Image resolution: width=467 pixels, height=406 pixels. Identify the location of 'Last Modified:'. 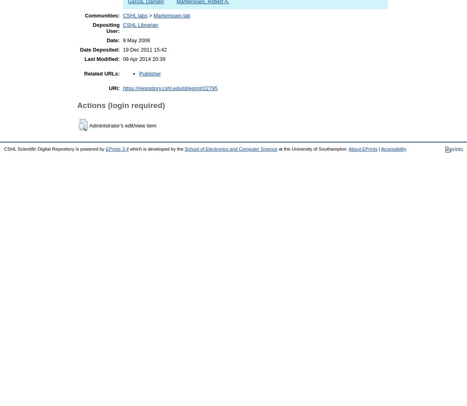
(101, 59).